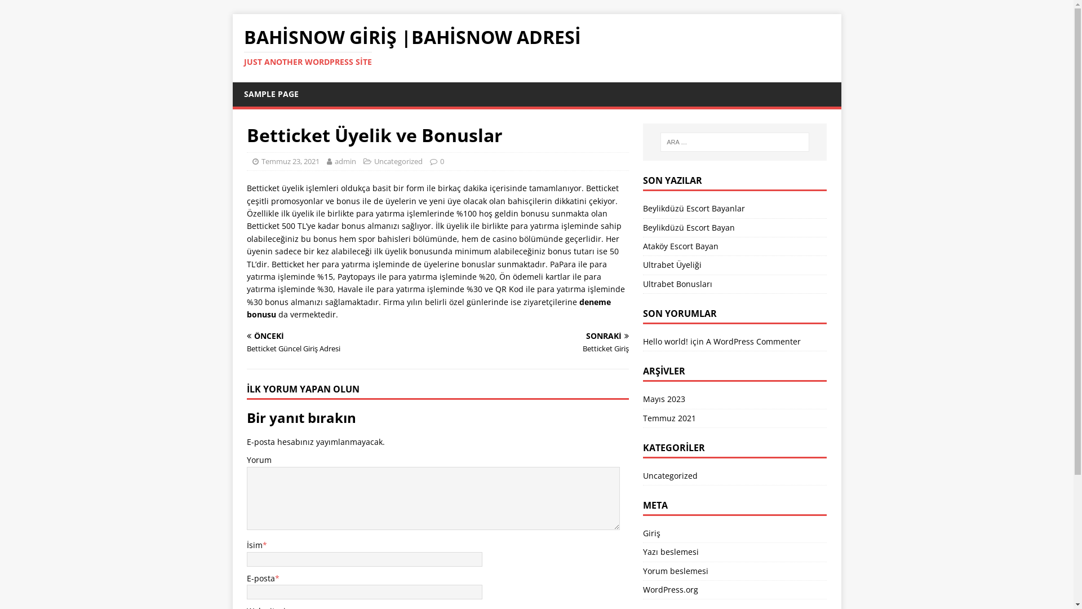 Image resolution: width=1082 pixels, height=609 pixels. Describe the element at coordinates (270, 93) in the screenshot. I see `'SAMPLE PAGE'` at that location.